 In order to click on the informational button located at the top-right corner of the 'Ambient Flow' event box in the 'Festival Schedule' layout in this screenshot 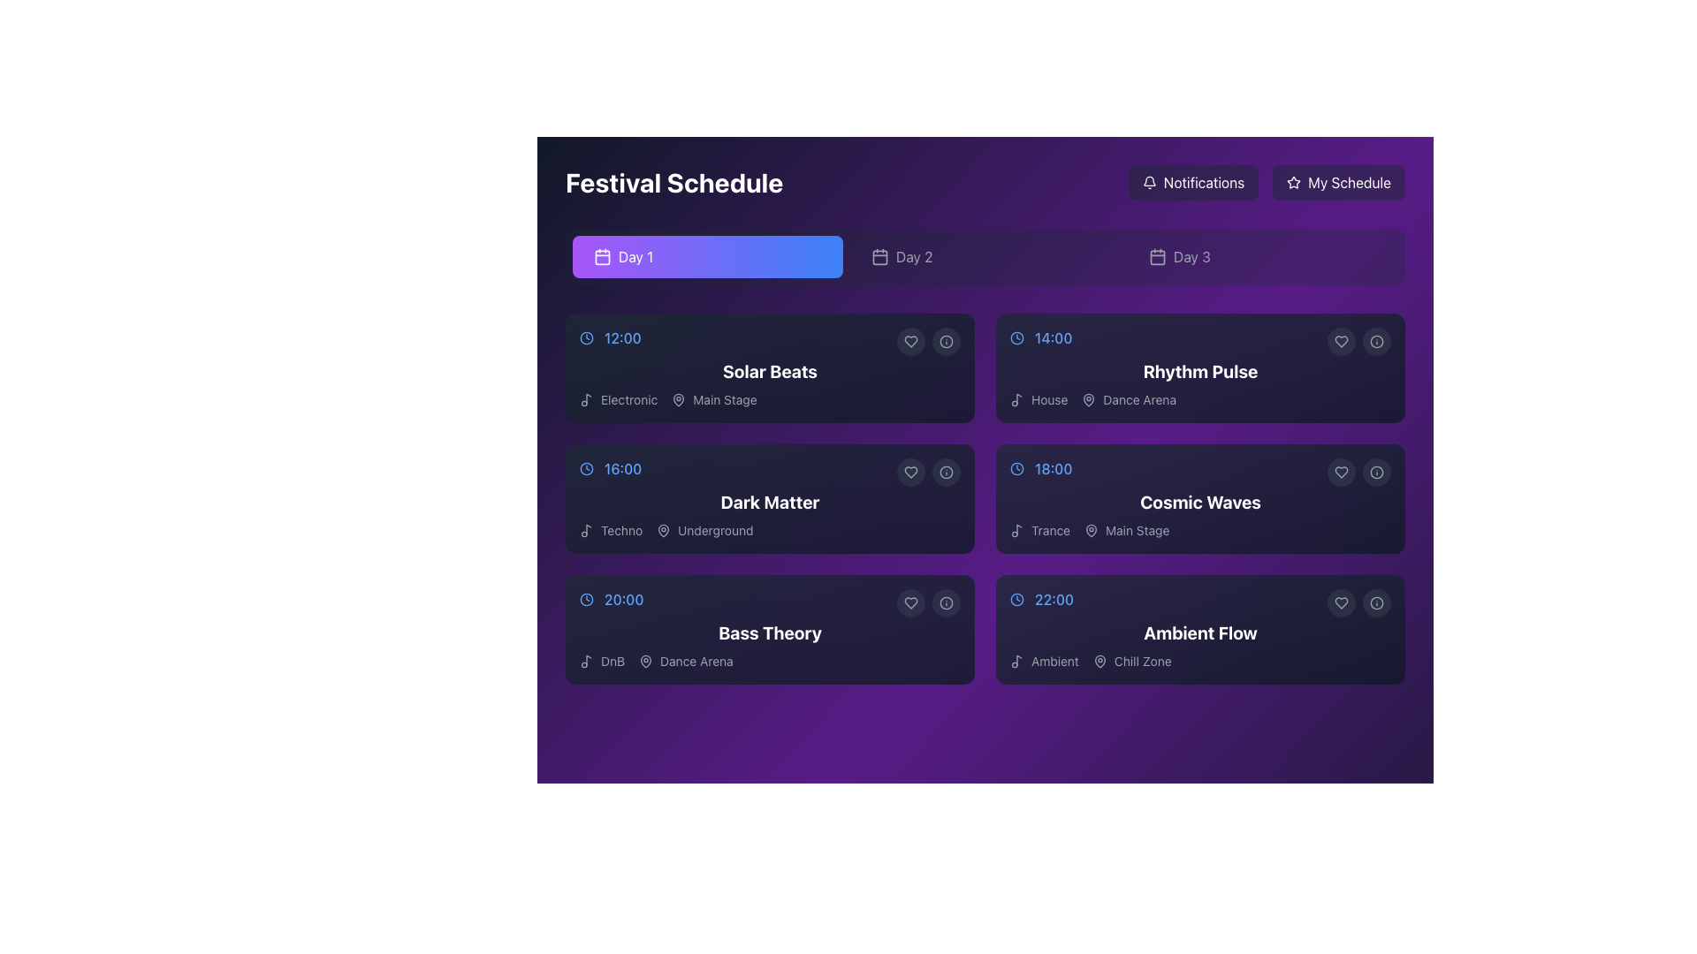, I will do `click(1376, 602)`.